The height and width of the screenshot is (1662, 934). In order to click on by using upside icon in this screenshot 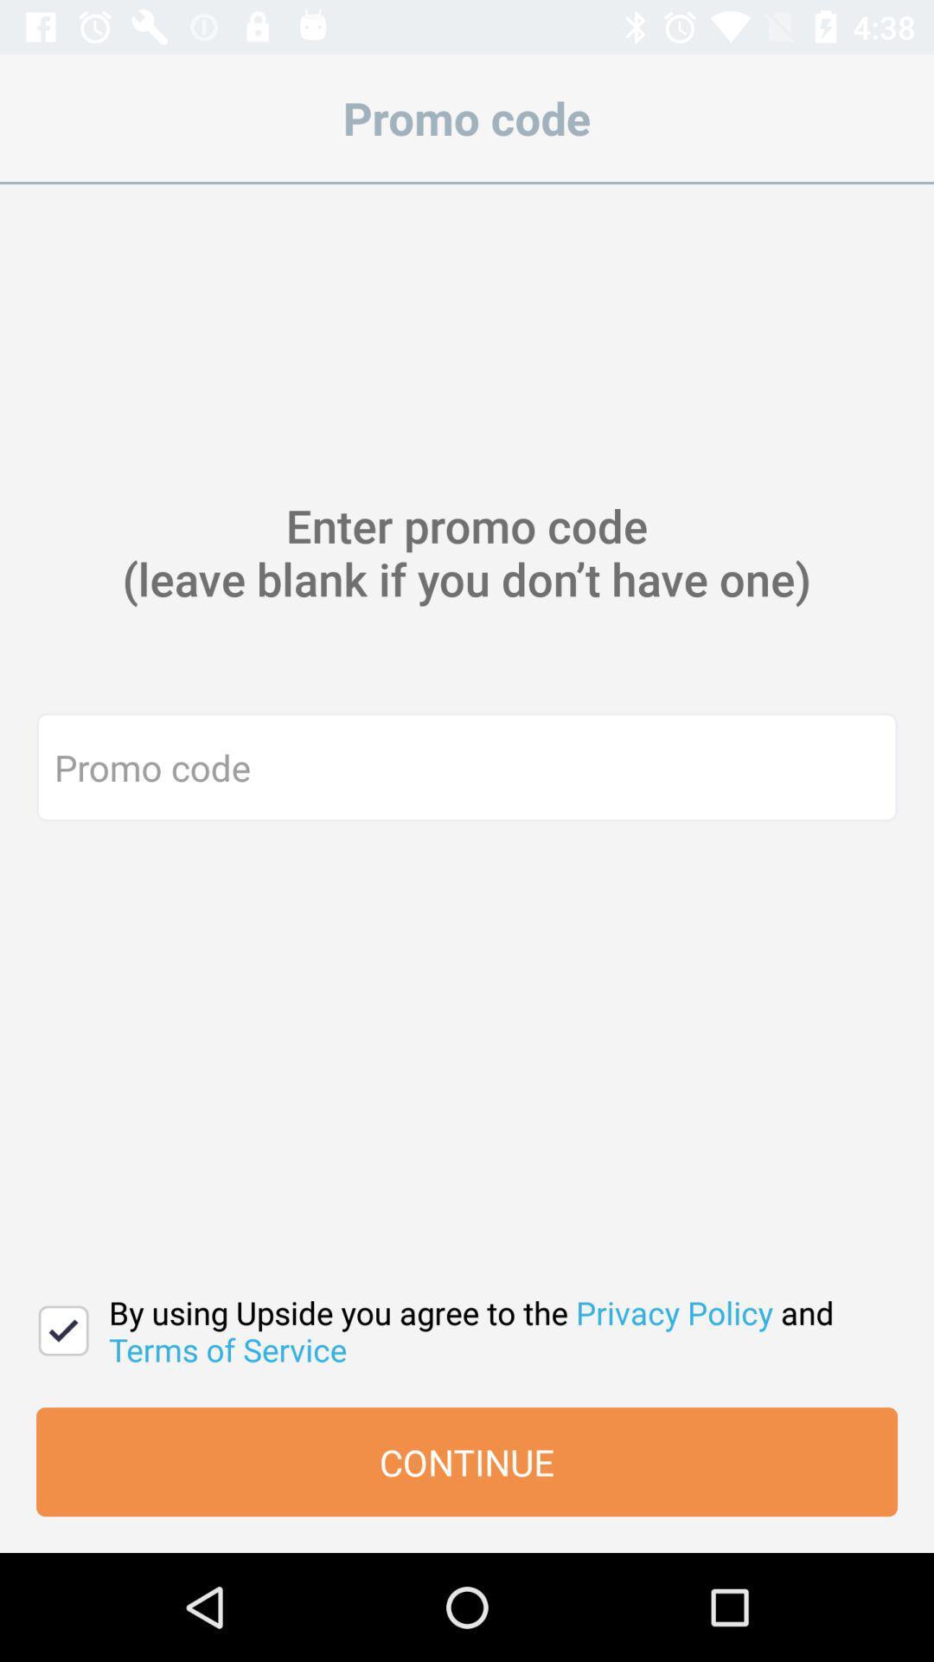, I will do `click(494, 1330)`.